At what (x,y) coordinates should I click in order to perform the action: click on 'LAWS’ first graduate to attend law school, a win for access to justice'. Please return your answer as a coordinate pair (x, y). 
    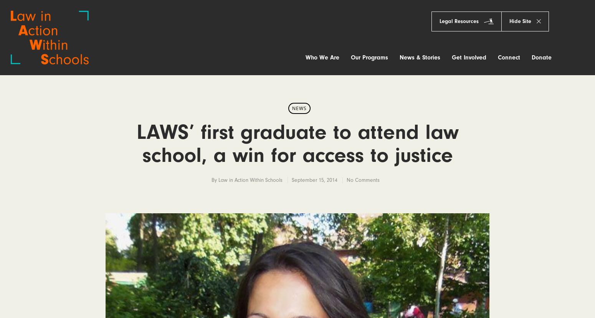
    Looking at the image, I should click on (136, 143).